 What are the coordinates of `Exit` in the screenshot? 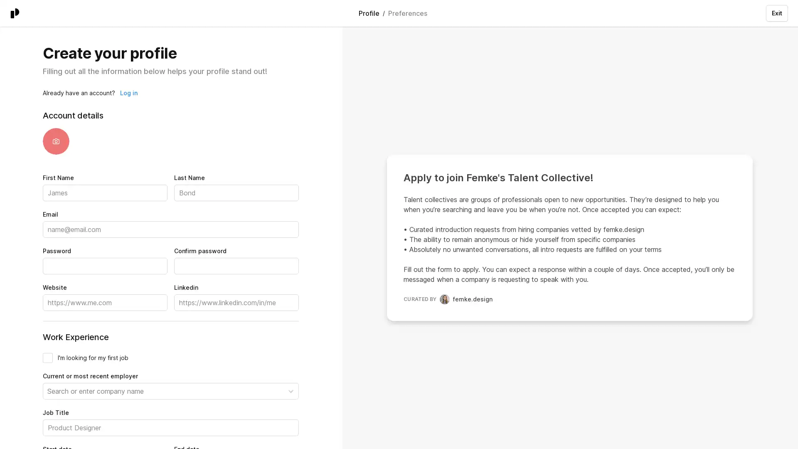 It's located at (776, 13).